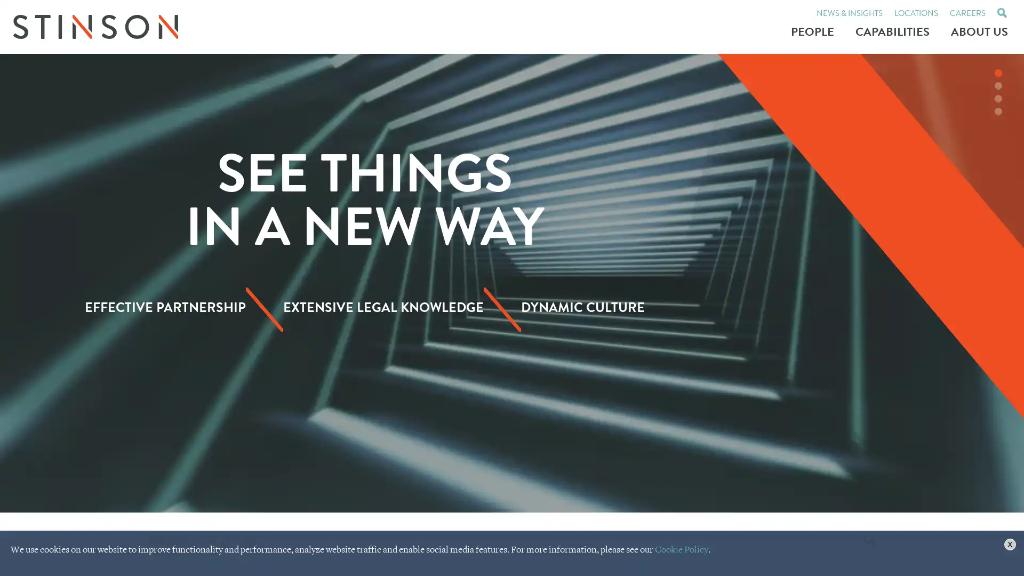  Describe the element at coordinates (998, 99) in the screenshot. I see `3` at that location.